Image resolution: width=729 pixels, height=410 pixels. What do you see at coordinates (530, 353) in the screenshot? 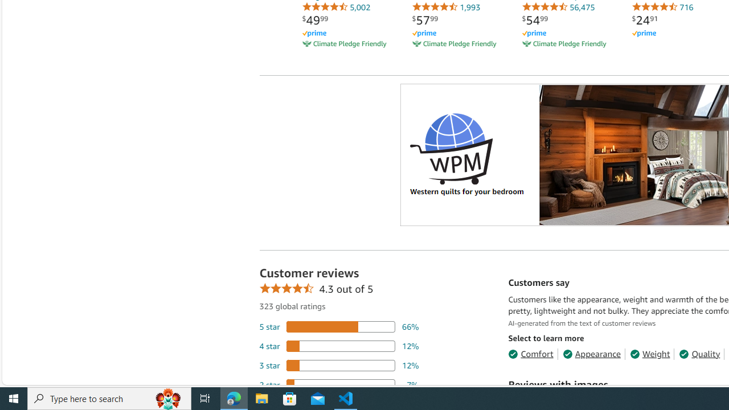
I see `'Comfort'` at bounding box center [530, 353].